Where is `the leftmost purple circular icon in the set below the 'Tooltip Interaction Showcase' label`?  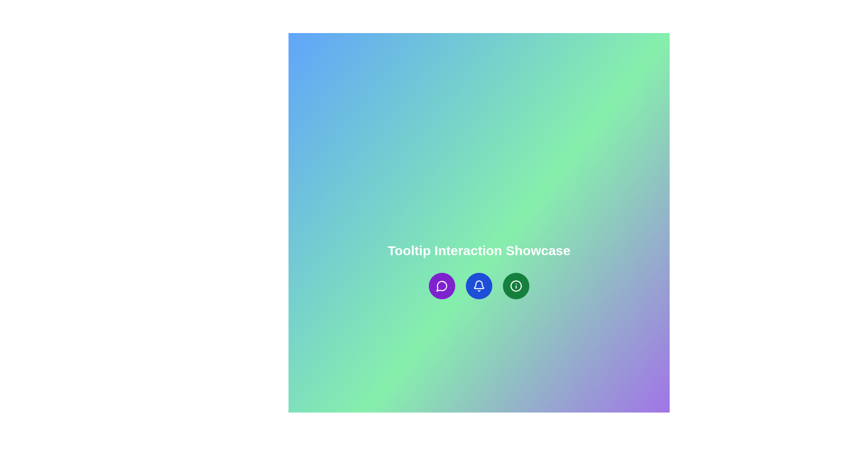 the leftmost purple circular icon in the set below the 'Tooltip Interaction Showcase' label is located at coordinates (442, 286).